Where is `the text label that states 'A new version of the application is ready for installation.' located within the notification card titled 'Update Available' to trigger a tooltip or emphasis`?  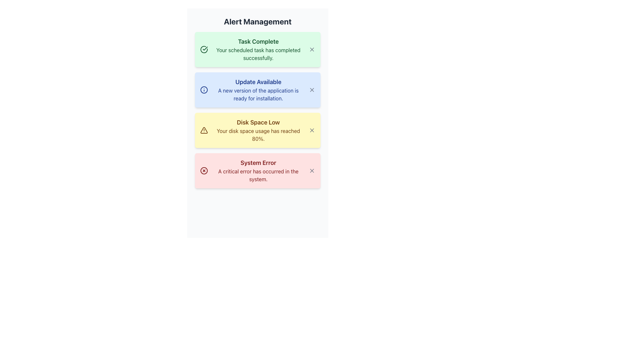 the text label that states 'A new version of the application is ready for installation.' located within the notification card titled 'Update Available' to trigger a tooltip or emphasis is located at coordinates (258, 94).